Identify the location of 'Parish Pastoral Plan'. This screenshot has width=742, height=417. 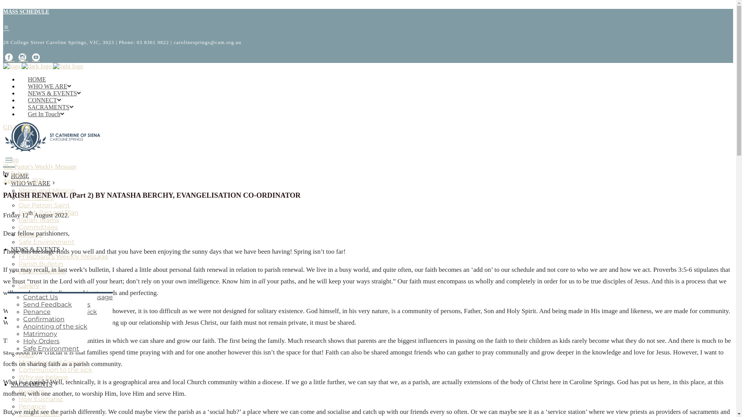
(19, 212).